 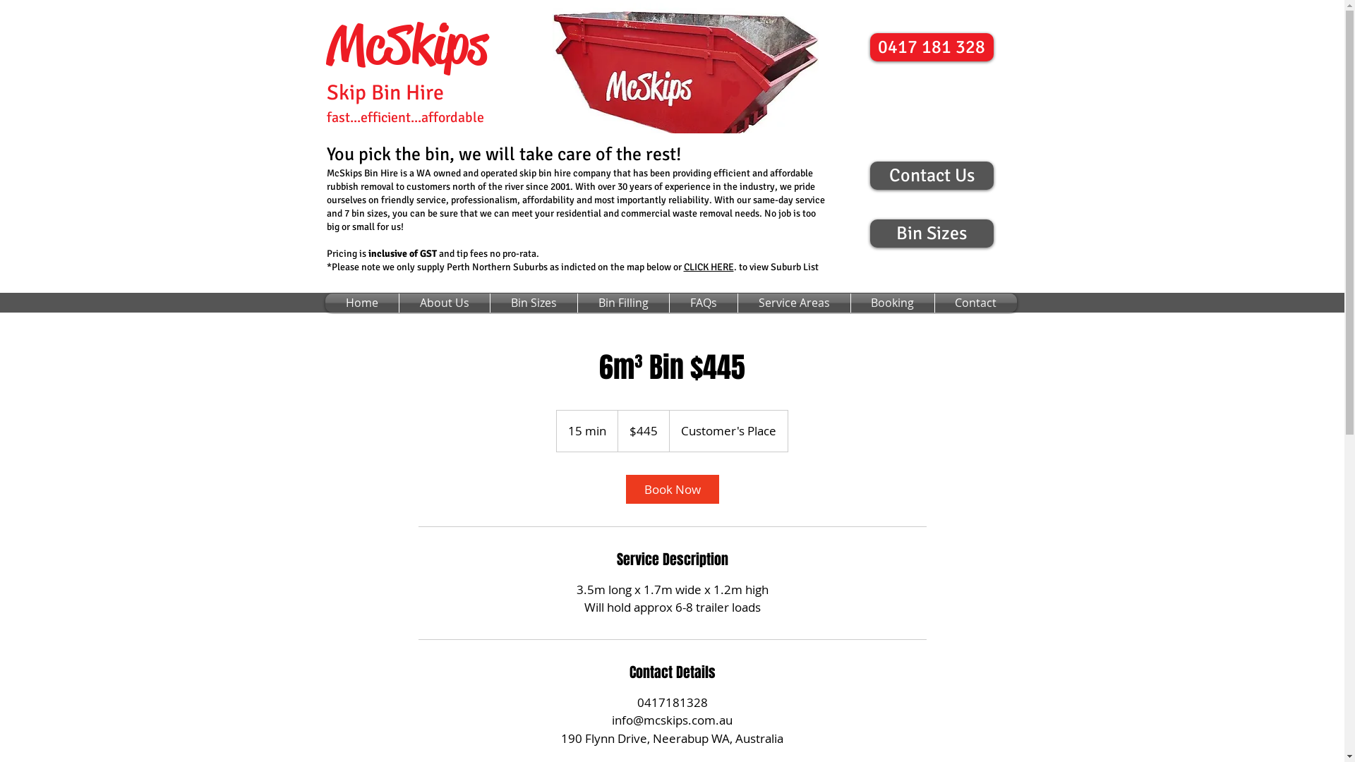 I want to click on 'Contact Us', so click(x=869, y=175).